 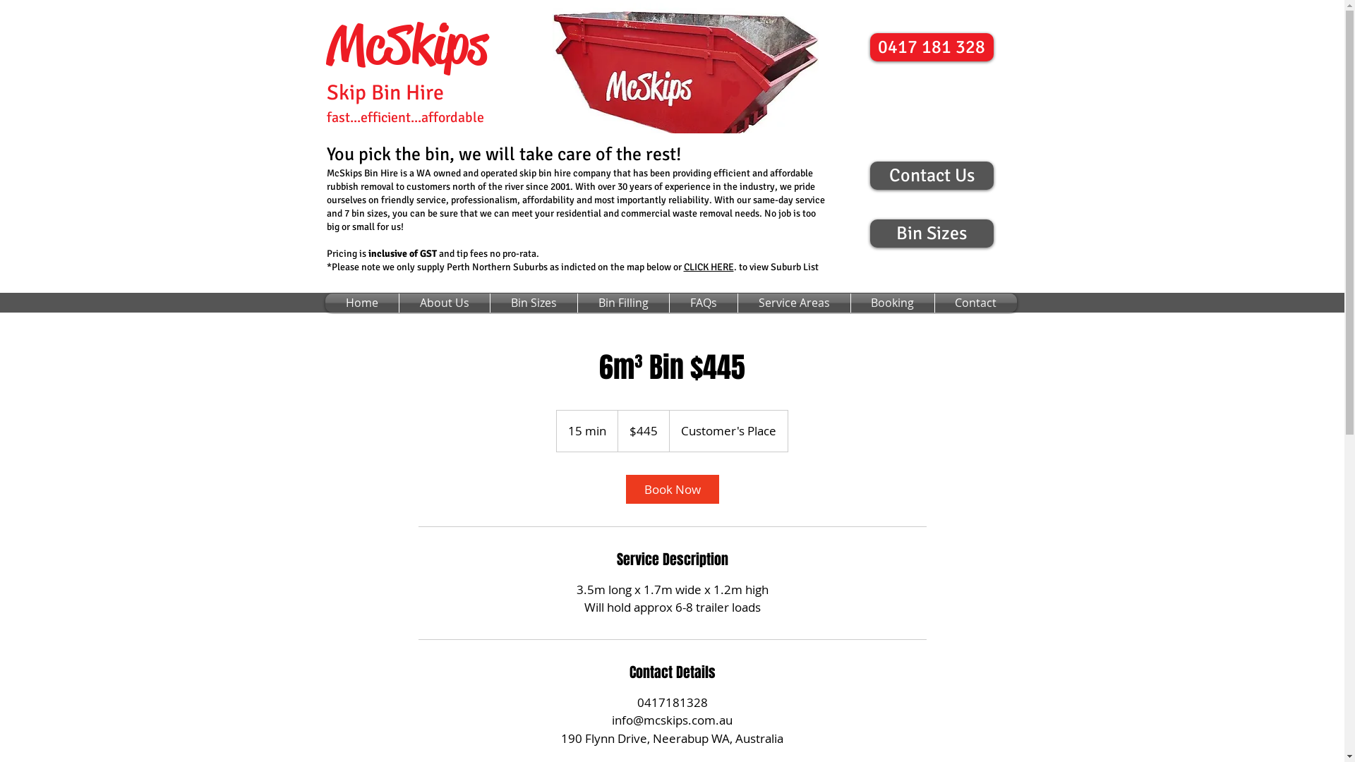 I want to click on 'Contact Us', so click(x=869, y=175).